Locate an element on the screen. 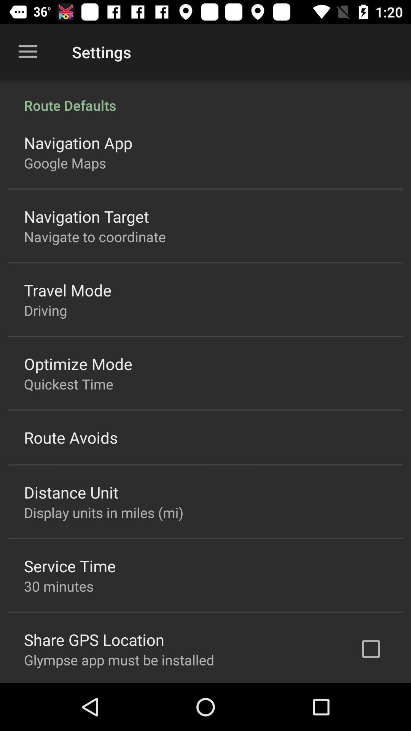 This screenshot has height=731, width=411. icon to the left of settings icon is located at coordinates (27, 51).